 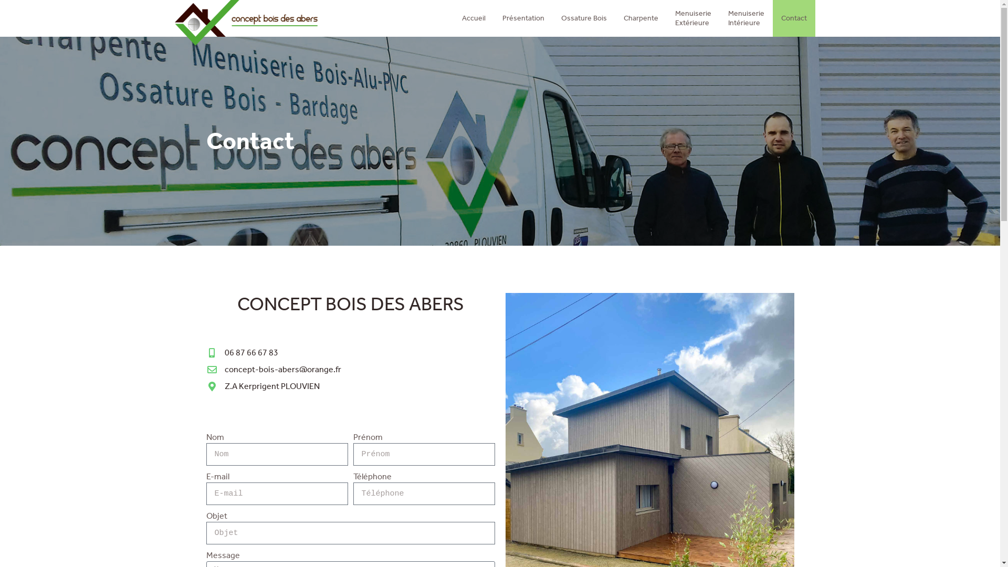 I want to click on 'Concept Bois des Abers', so click(x=245, y=23).